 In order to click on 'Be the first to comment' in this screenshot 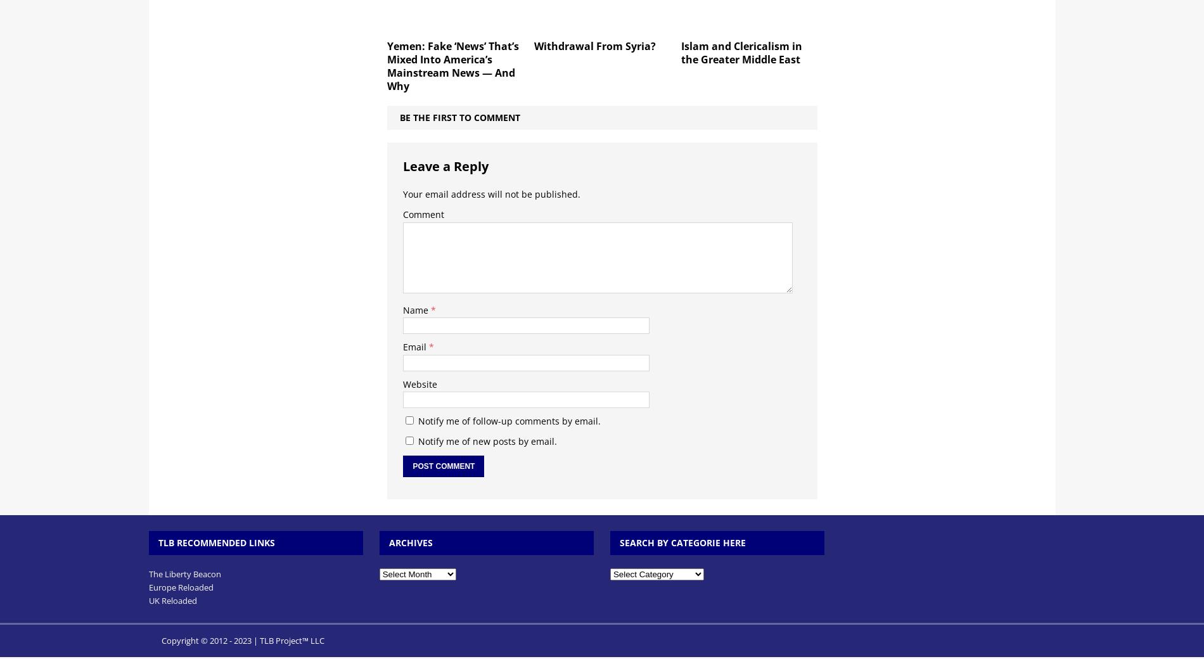, I will do `click(399, 117)`.